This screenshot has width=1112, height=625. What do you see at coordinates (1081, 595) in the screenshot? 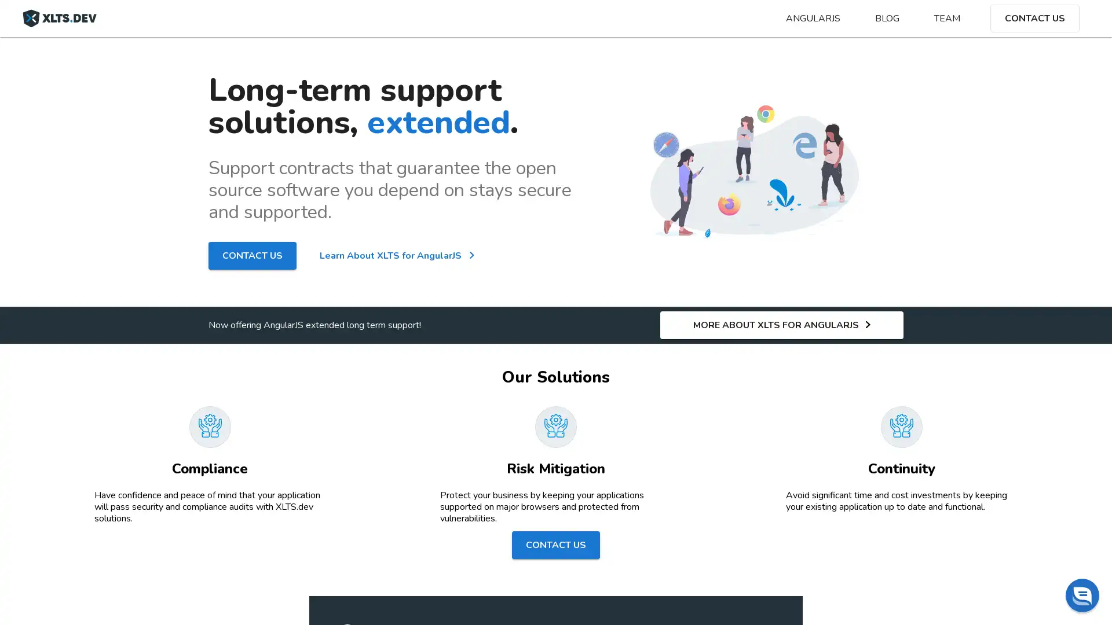
I see `Chat widget toggle` at bounding box center [1081, 595].